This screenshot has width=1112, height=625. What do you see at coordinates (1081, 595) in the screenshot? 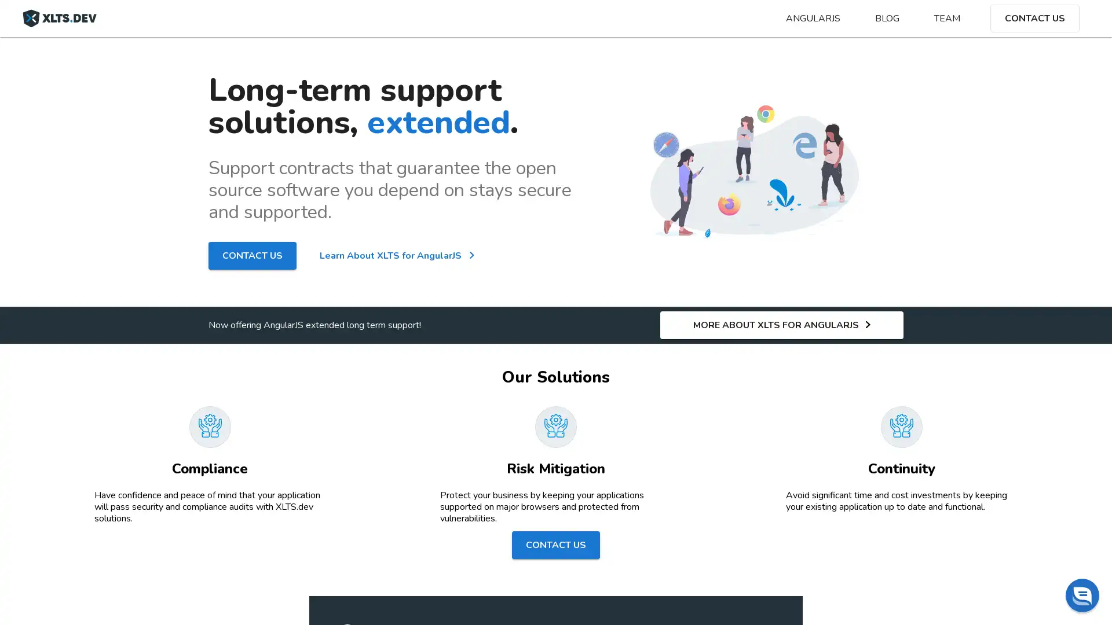
I see `Chat widget toggle` at bounding box center [1081, 595].